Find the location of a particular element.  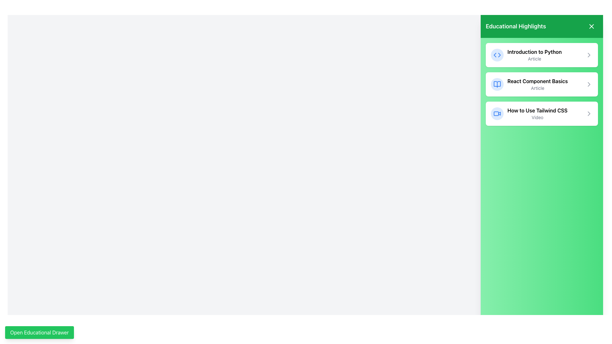

the right-facing arrow icon located at the right margin of the 'How to Use Tailwind CSS' card in the 'Educational Highlights' section is located at coordinates (589, 113).